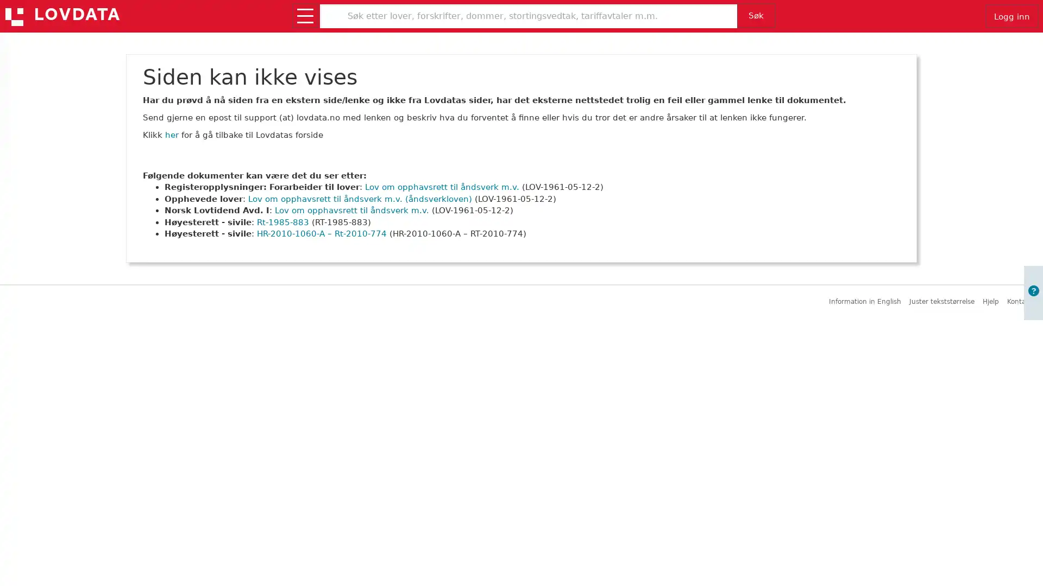 The width and height of the screenshot is (1043, 586). What do you see at coordinates (1032, 291) in the screenshot?
I see `Apne informasjon om brukerveiledning` at bounding box center [1032, 291].